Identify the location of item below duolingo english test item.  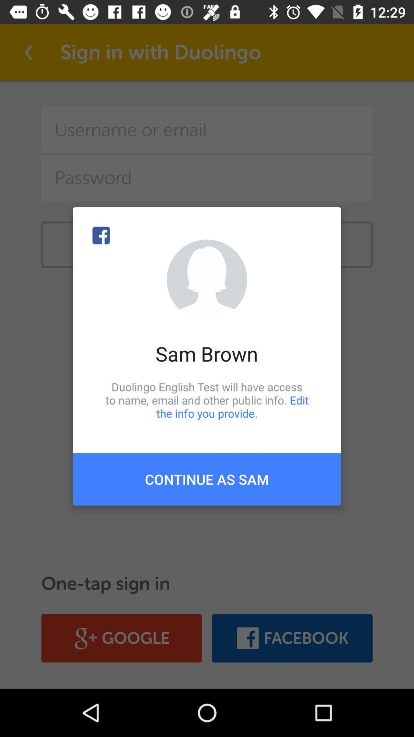
(207, 479).